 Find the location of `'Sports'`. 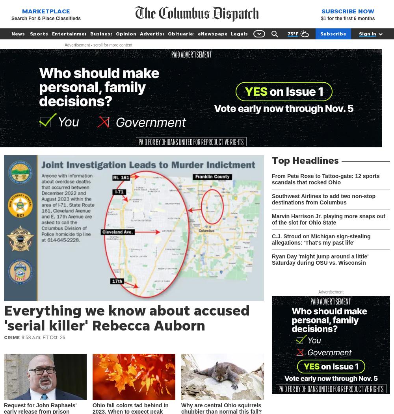

'Sports' is located at coordinates (38, 33).